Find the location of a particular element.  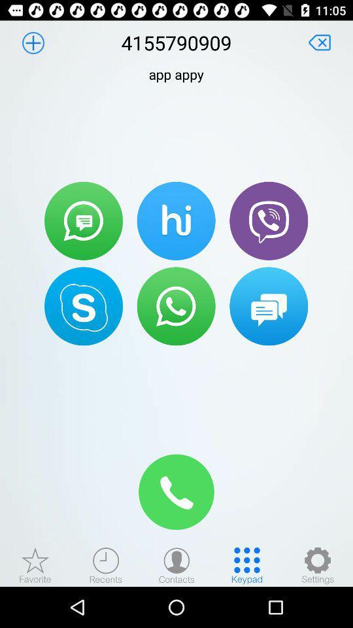

open skype app is located at coordinates (84, 306).